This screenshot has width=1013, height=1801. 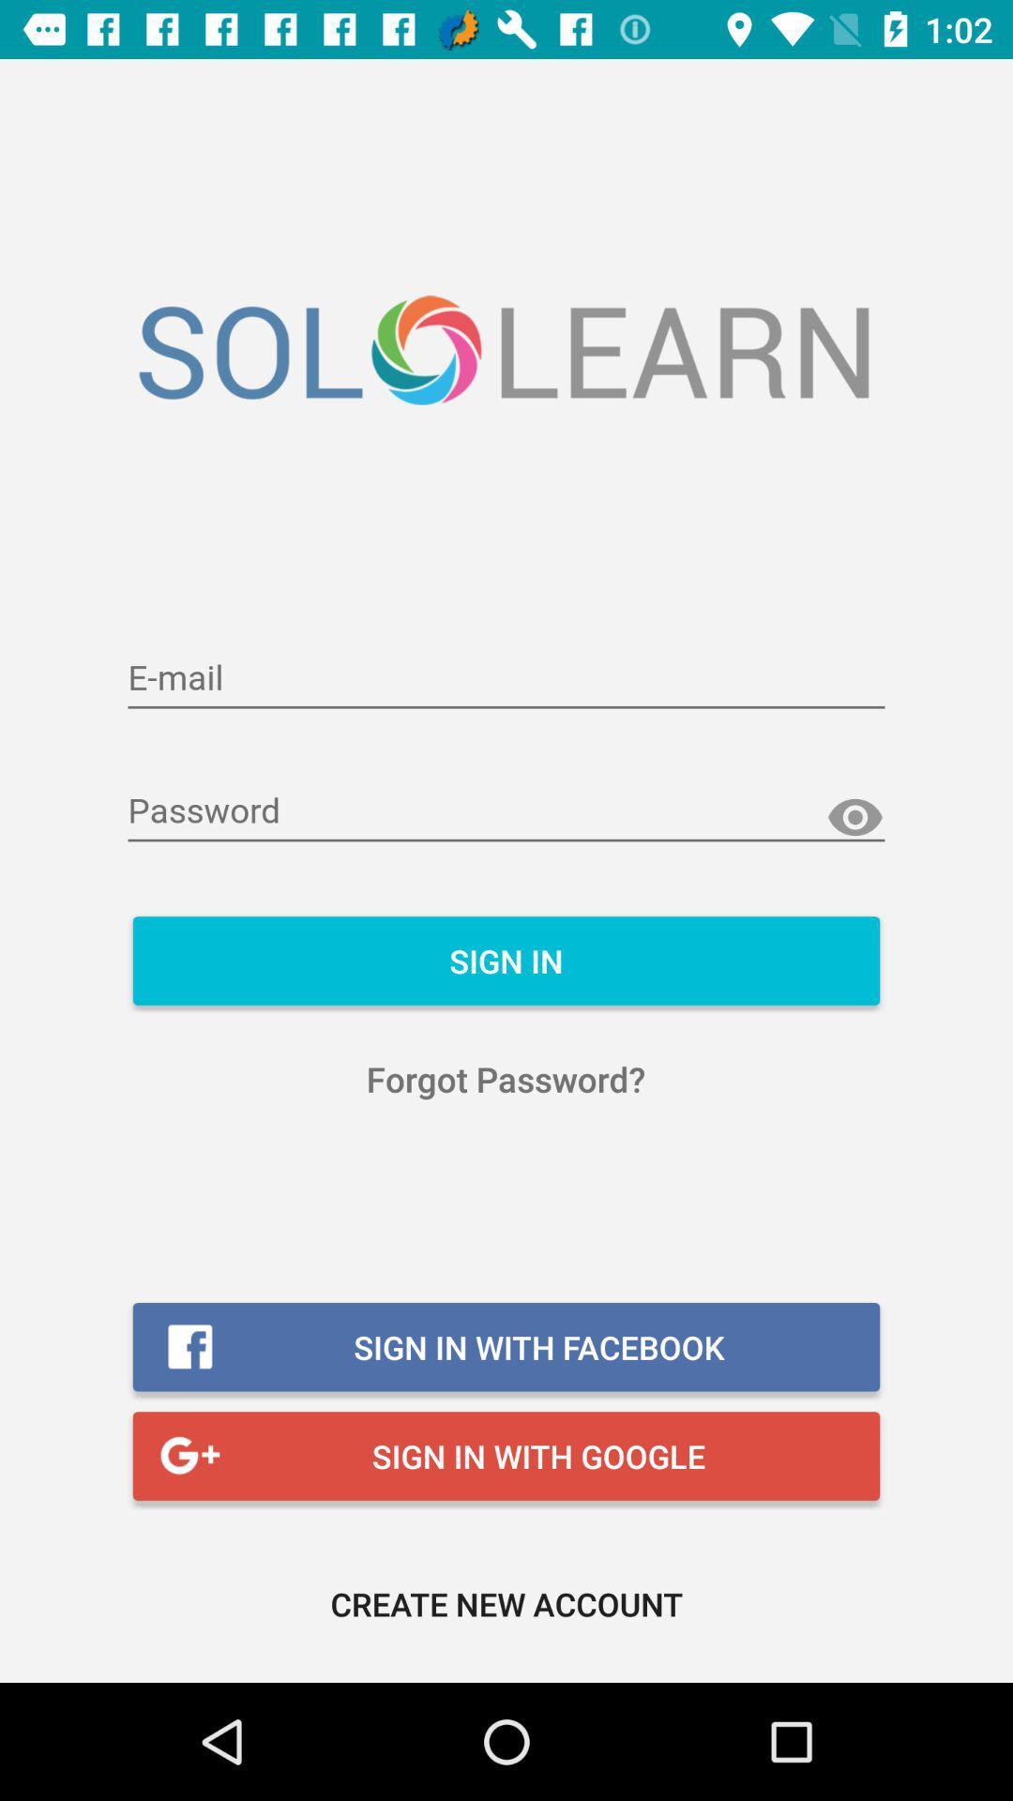 I want to click on user name, so click(x=506, y=678).